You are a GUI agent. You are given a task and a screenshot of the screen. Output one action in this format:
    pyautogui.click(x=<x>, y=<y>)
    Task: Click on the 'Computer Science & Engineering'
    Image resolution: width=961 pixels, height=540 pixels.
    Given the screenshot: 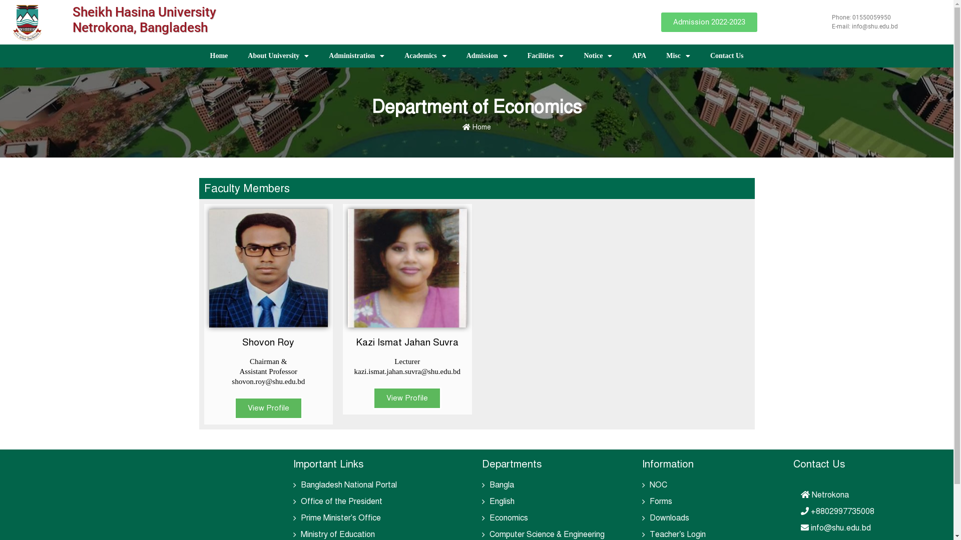 What is the action you would take?
    pyautogui.click(x=547, y=533)
    